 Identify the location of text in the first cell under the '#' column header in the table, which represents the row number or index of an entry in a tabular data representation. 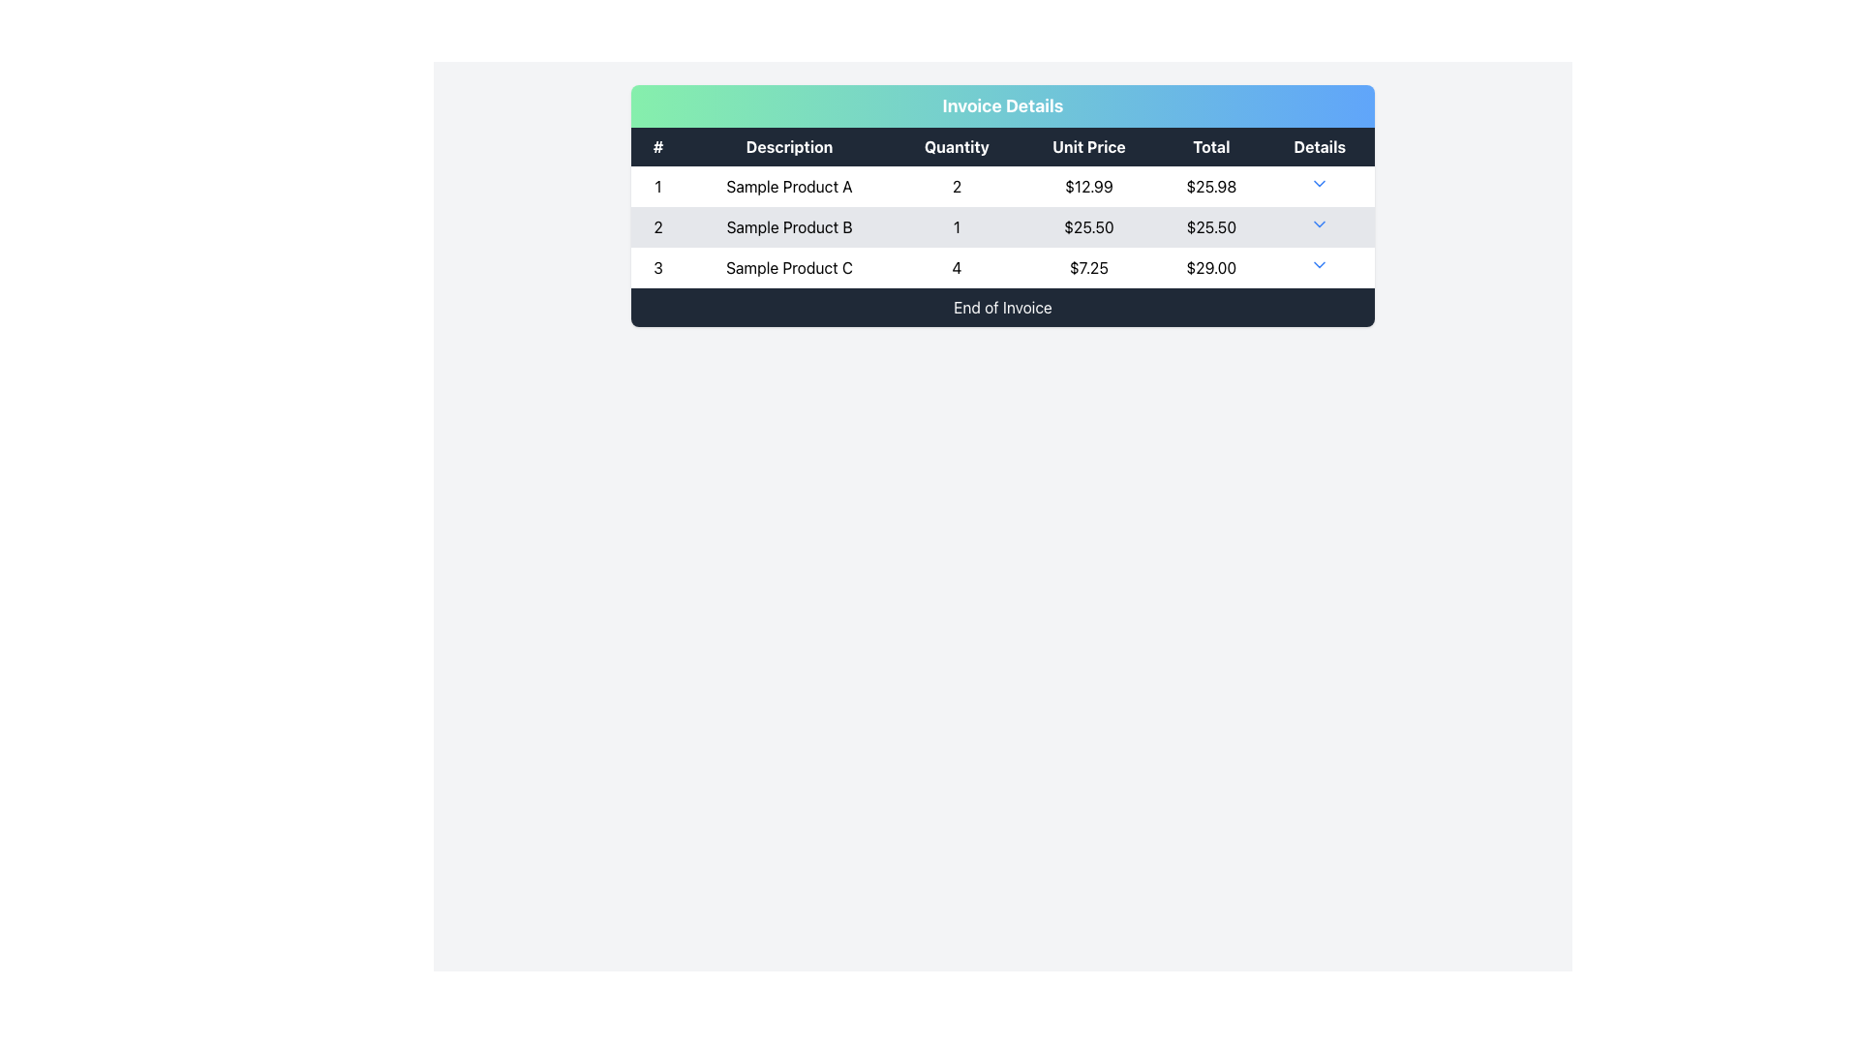
(658, 186).